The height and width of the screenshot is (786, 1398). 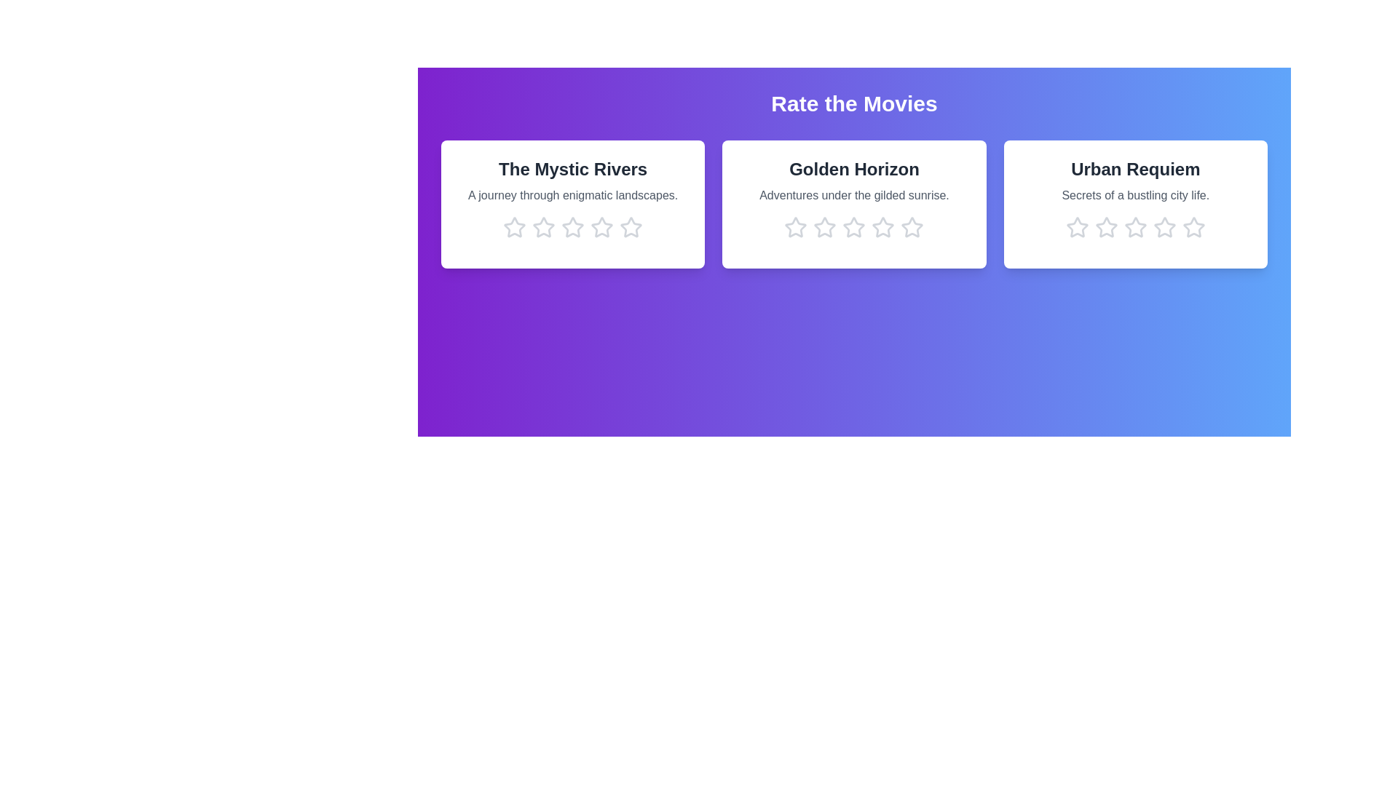 I want to click on the star corresponding to 2 stars in the movie card titled 'The Mystic Rivers', so click(x=543, y=227).